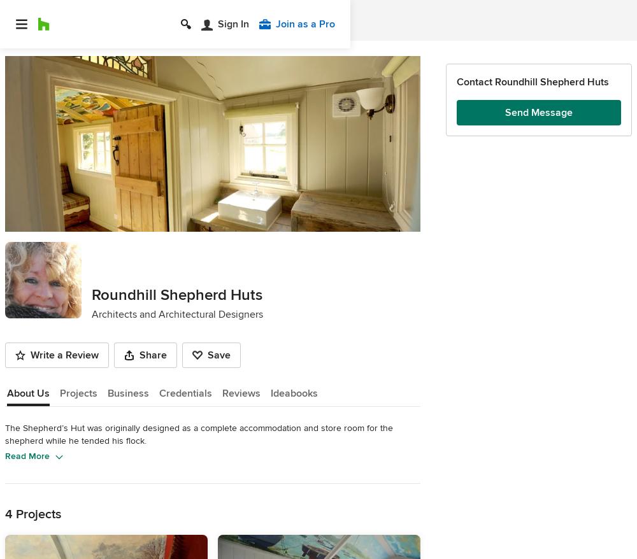  I want to click on 'Save', so click(207, 354).